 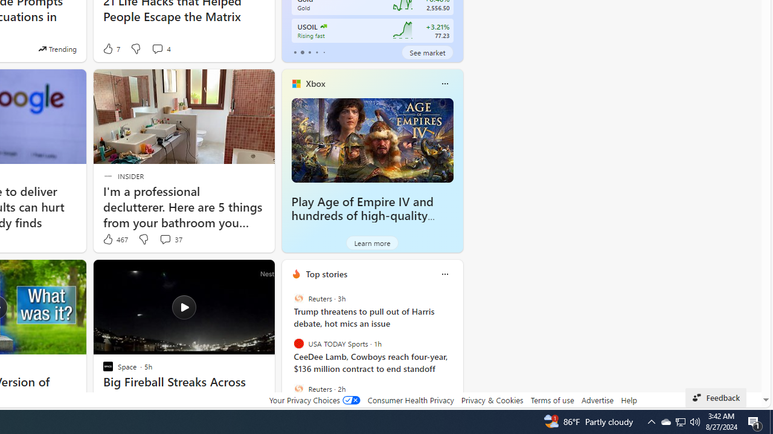 I want to click on 'View comments 37 Comment', so click(x=170, y=239).